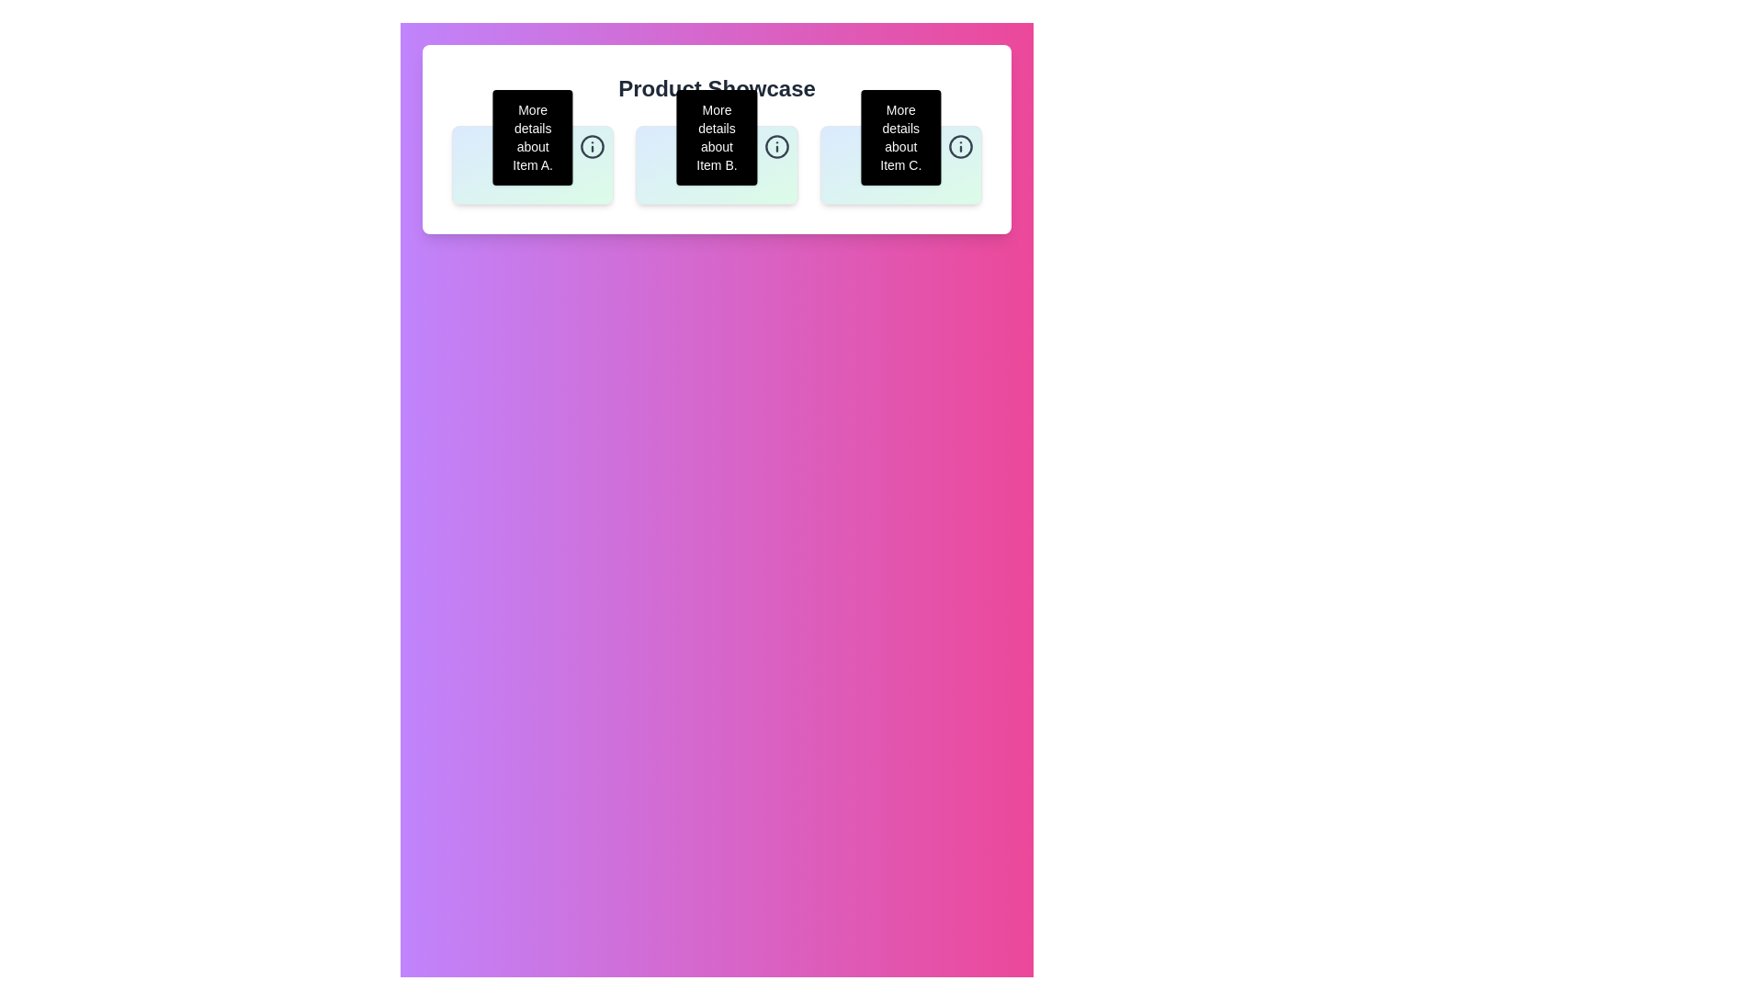 Image resolution: width=1764 pixels, height=992 pixels. I want to click on the Text label displaying 'Item C', which is centered in the third panel of a horizontal series, positioned above the descriptive text, so click(900, 161).